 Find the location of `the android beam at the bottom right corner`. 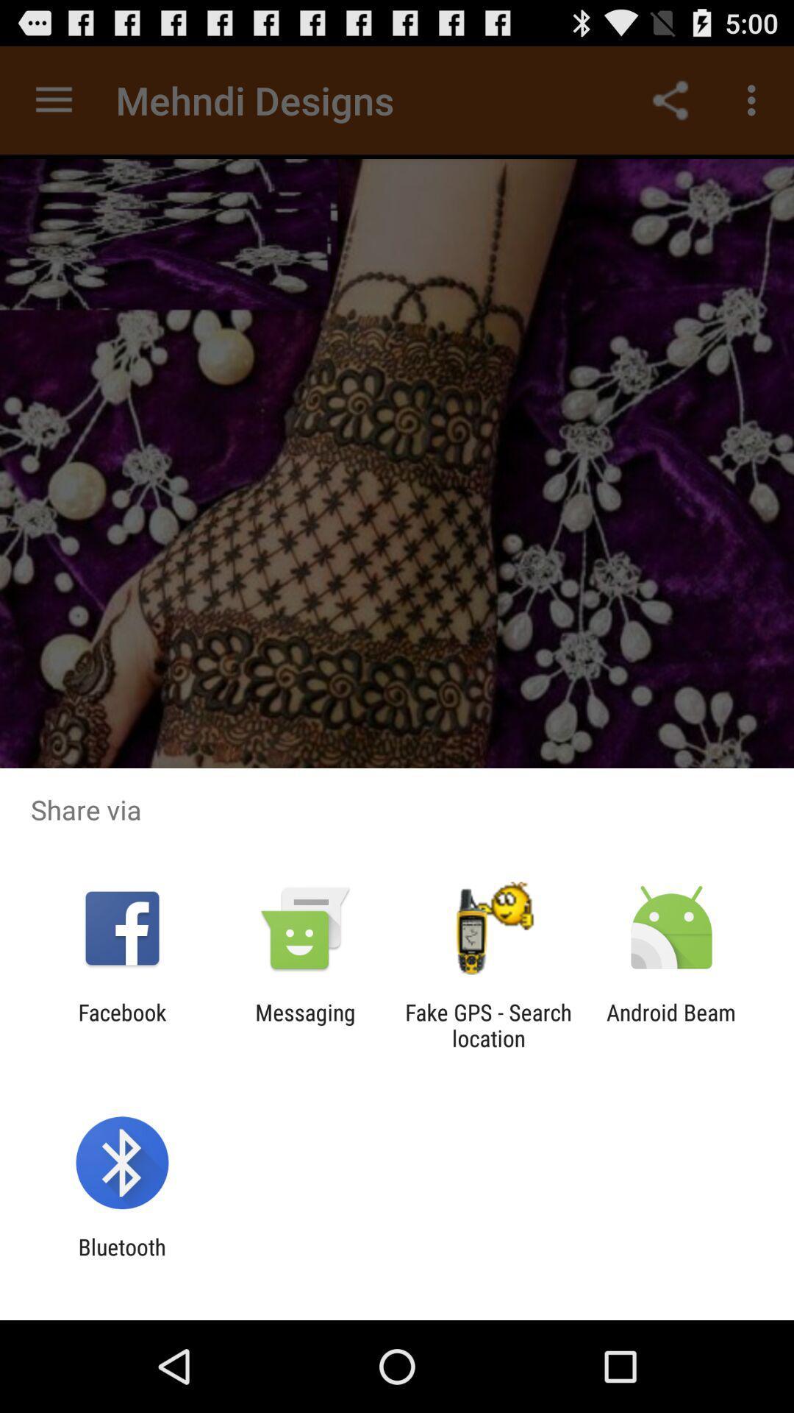

the android beam at the bottom right corner is located at coordinates (671, 1024).